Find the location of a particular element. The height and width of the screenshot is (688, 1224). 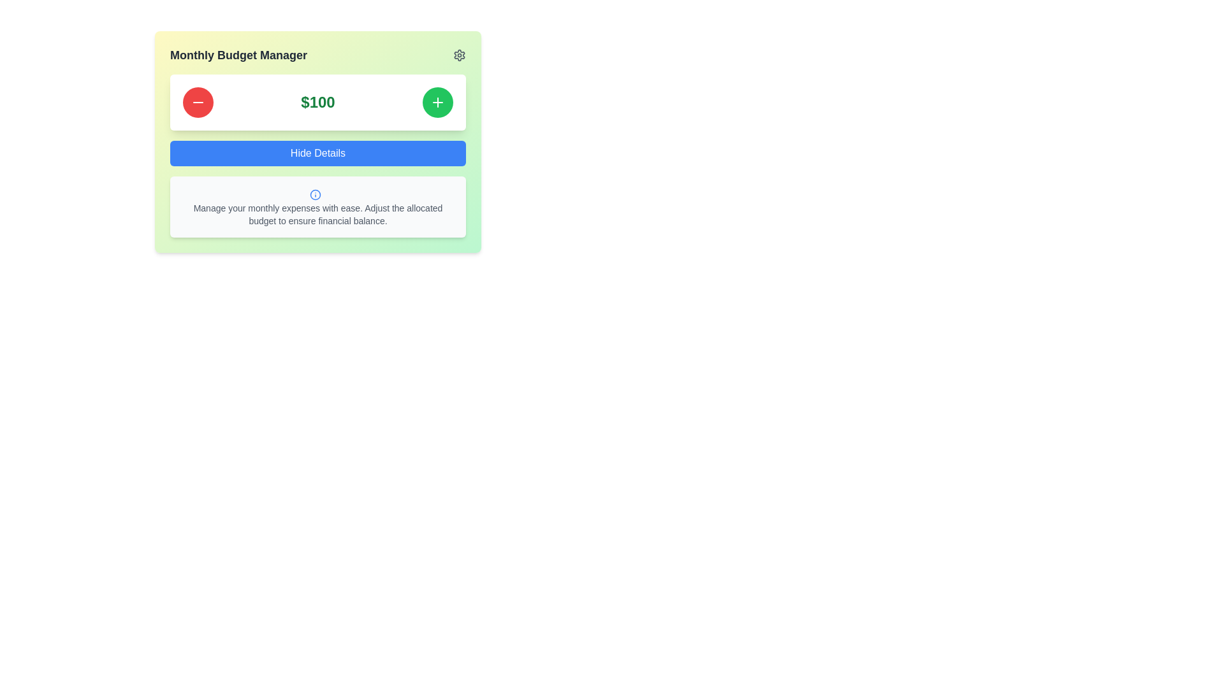

the increment button located on the right side of the top section, adjacent to the figure '$100' is located at coordinates (437, 102).